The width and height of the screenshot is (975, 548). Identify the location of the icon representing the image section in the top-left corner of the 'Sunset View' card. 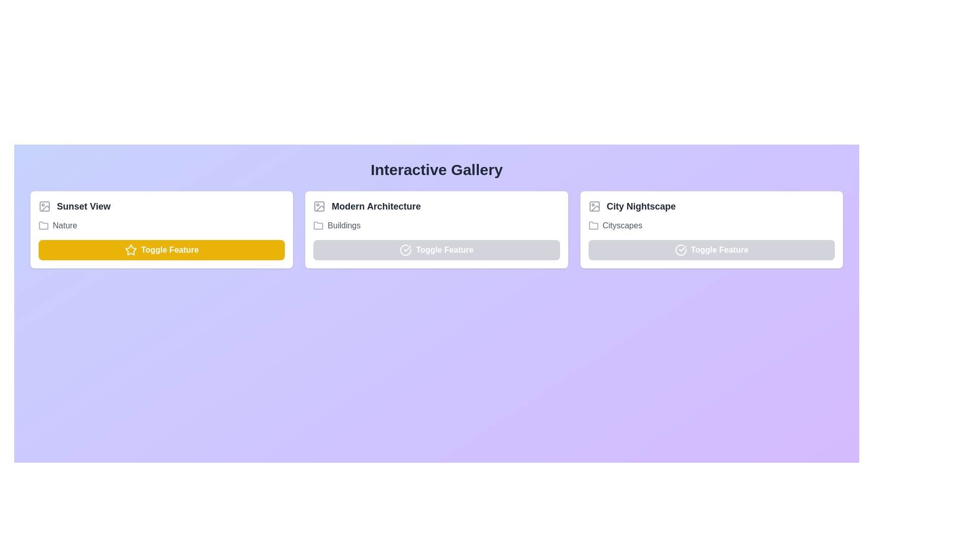
(44, 206).